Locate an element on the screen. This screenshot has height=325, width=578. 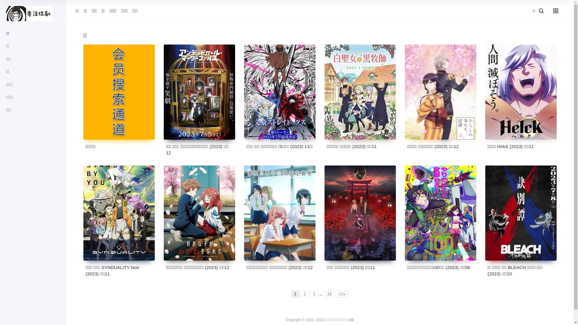
'3' is located at coordinates (314, 294).